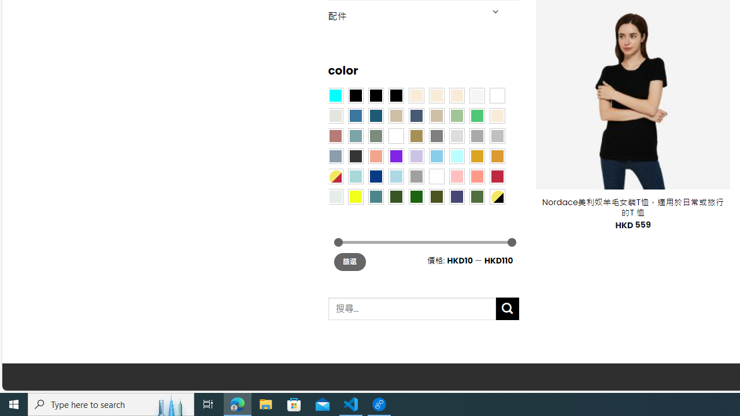  I want to click on 'Cream', so click(456, 94).